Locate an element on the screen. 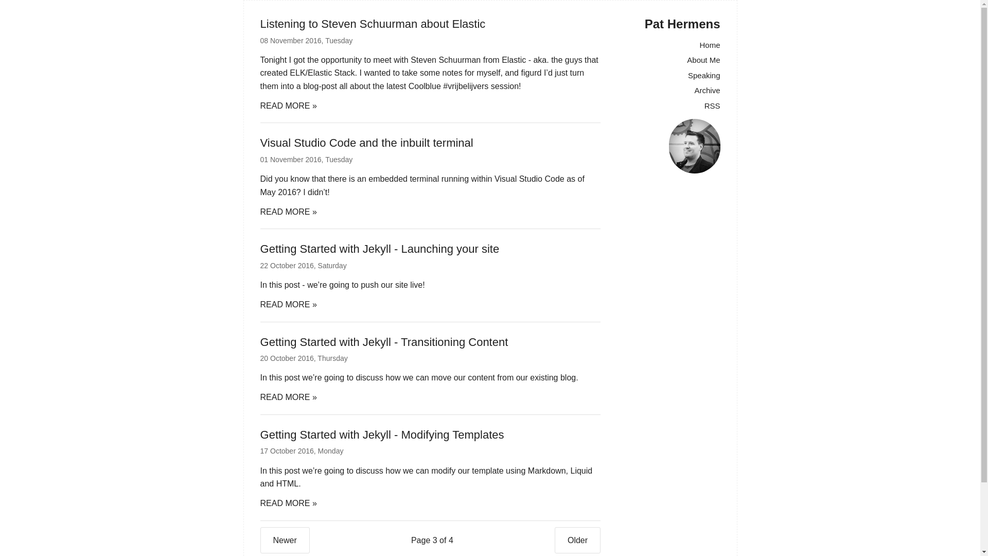  'Archive' is located at coordinates (706, 90).